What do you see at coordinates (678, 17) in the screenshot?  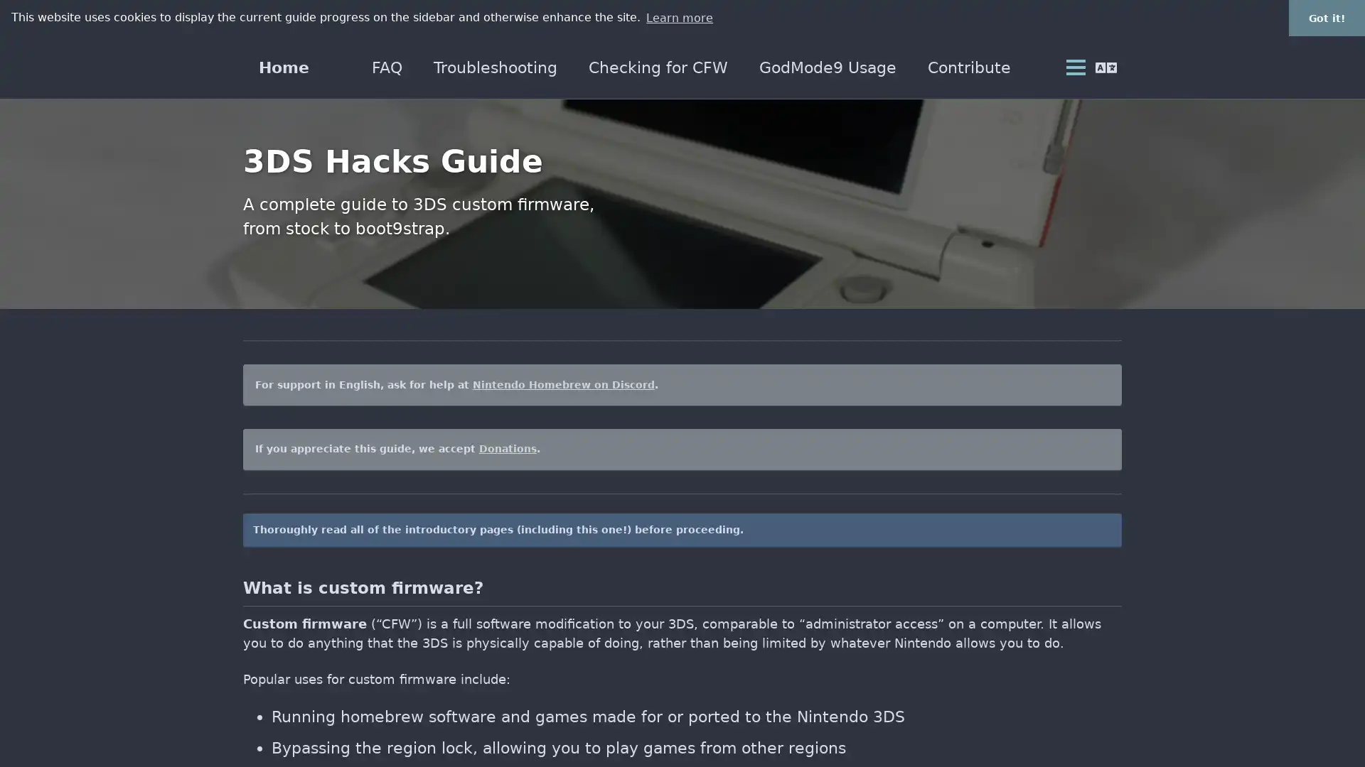 I see `learn more about cookies` at bounding box center [678, 17].